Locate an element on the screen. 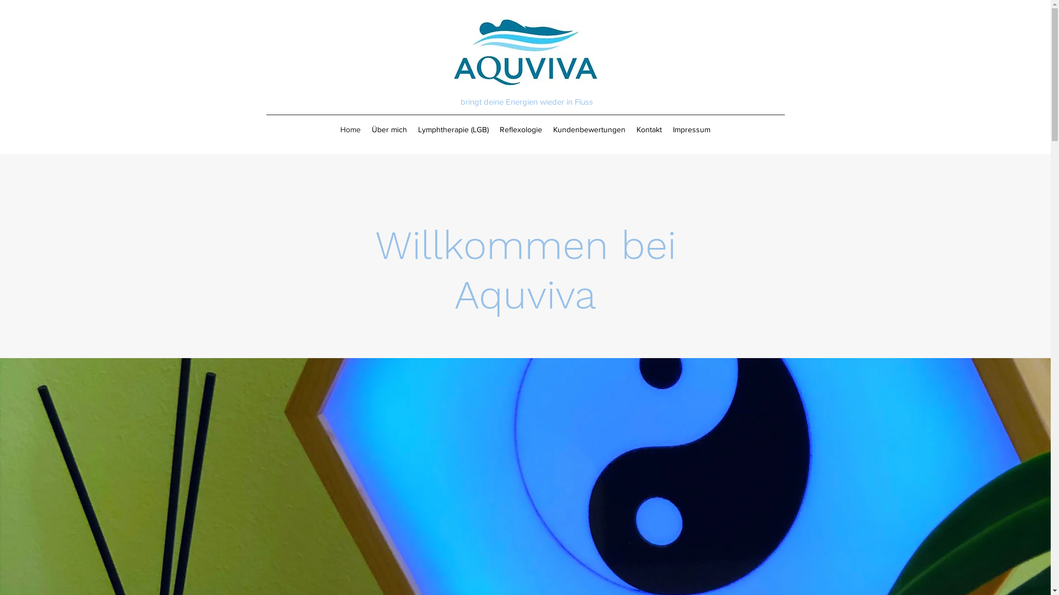  'Home' is located at coordinates (350, 129).